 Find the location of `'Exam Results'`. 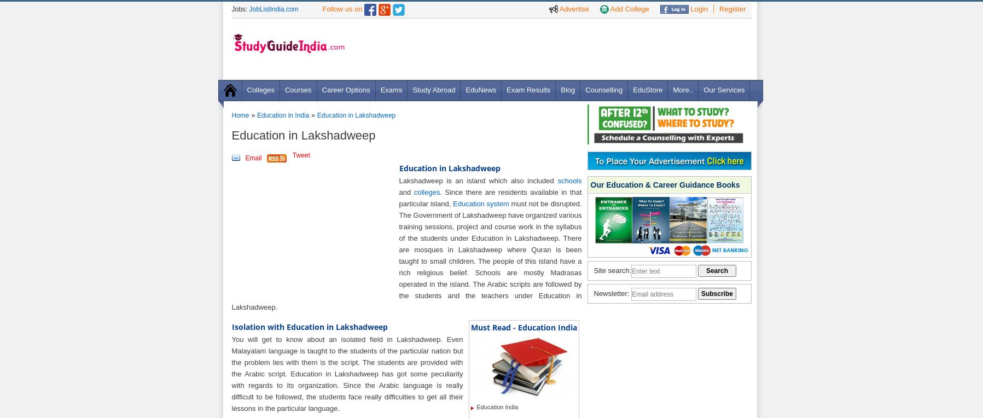

'Exam Results' is located at coordinates (528, 90).